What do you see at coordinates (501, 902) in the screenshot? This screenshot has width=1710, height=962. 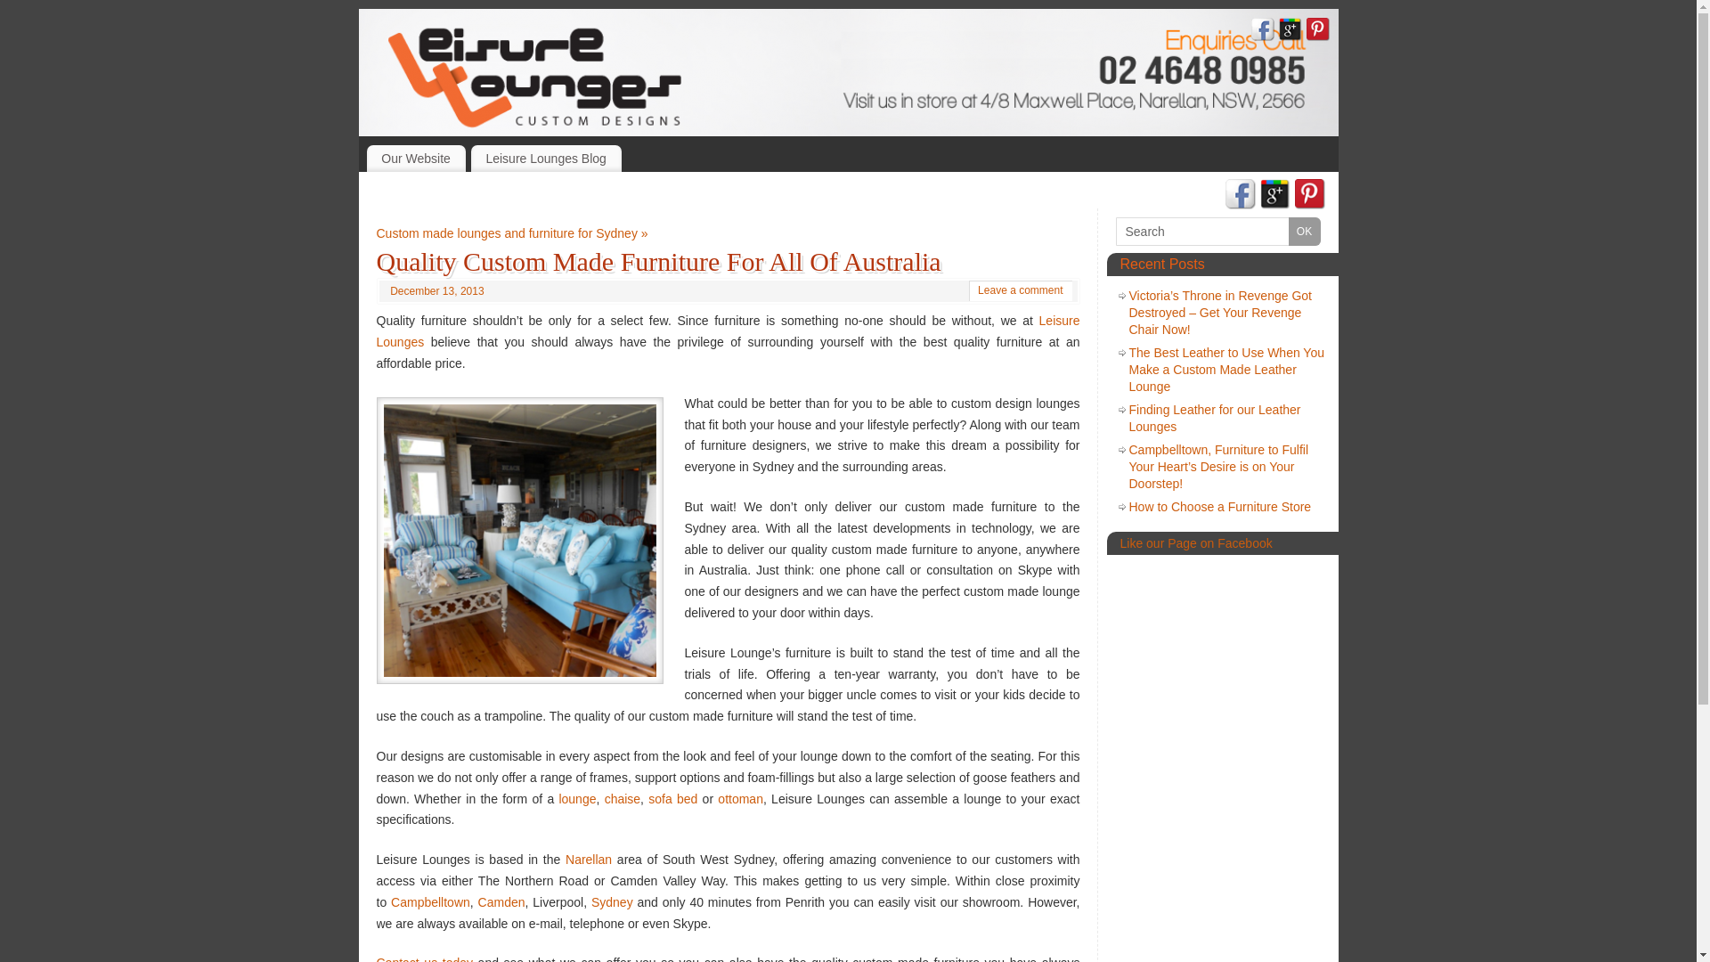 I see `'Camden'` at bounding box center [501, 902].